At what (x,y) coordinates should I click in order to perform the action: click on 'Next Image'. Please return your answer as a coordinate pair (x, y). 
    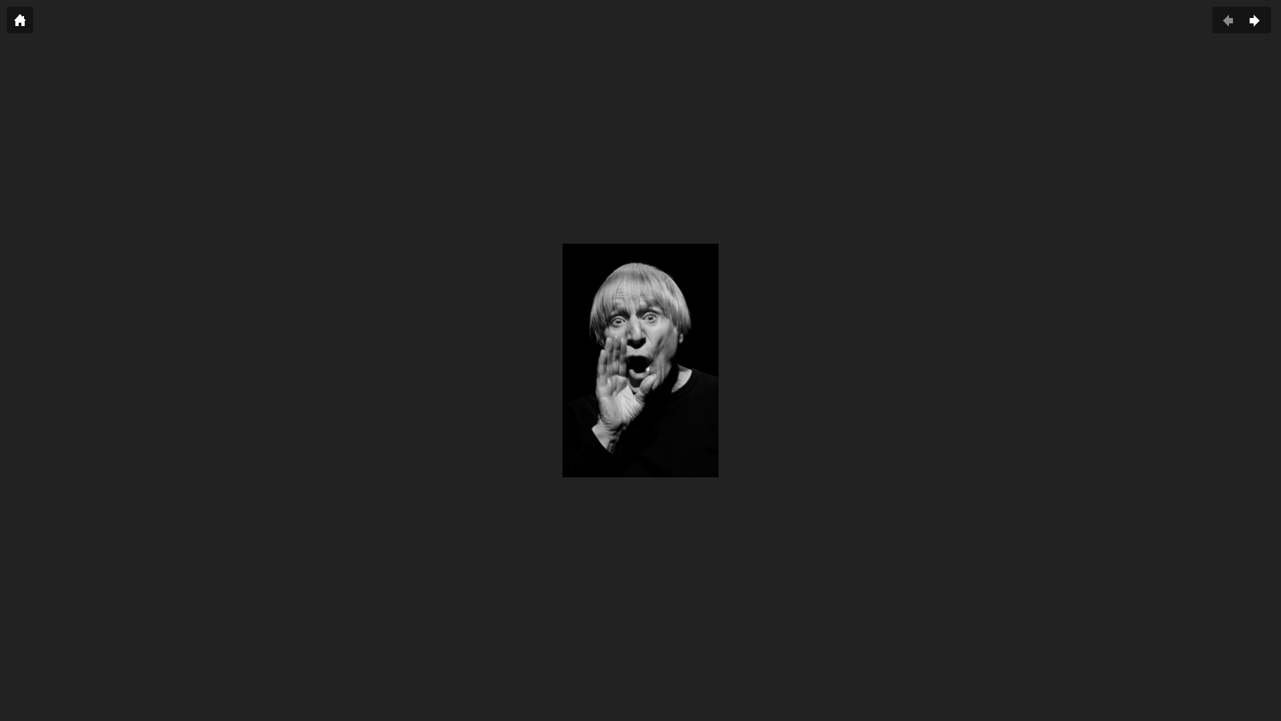
    Looking at the image, I should click on (1254, 20).